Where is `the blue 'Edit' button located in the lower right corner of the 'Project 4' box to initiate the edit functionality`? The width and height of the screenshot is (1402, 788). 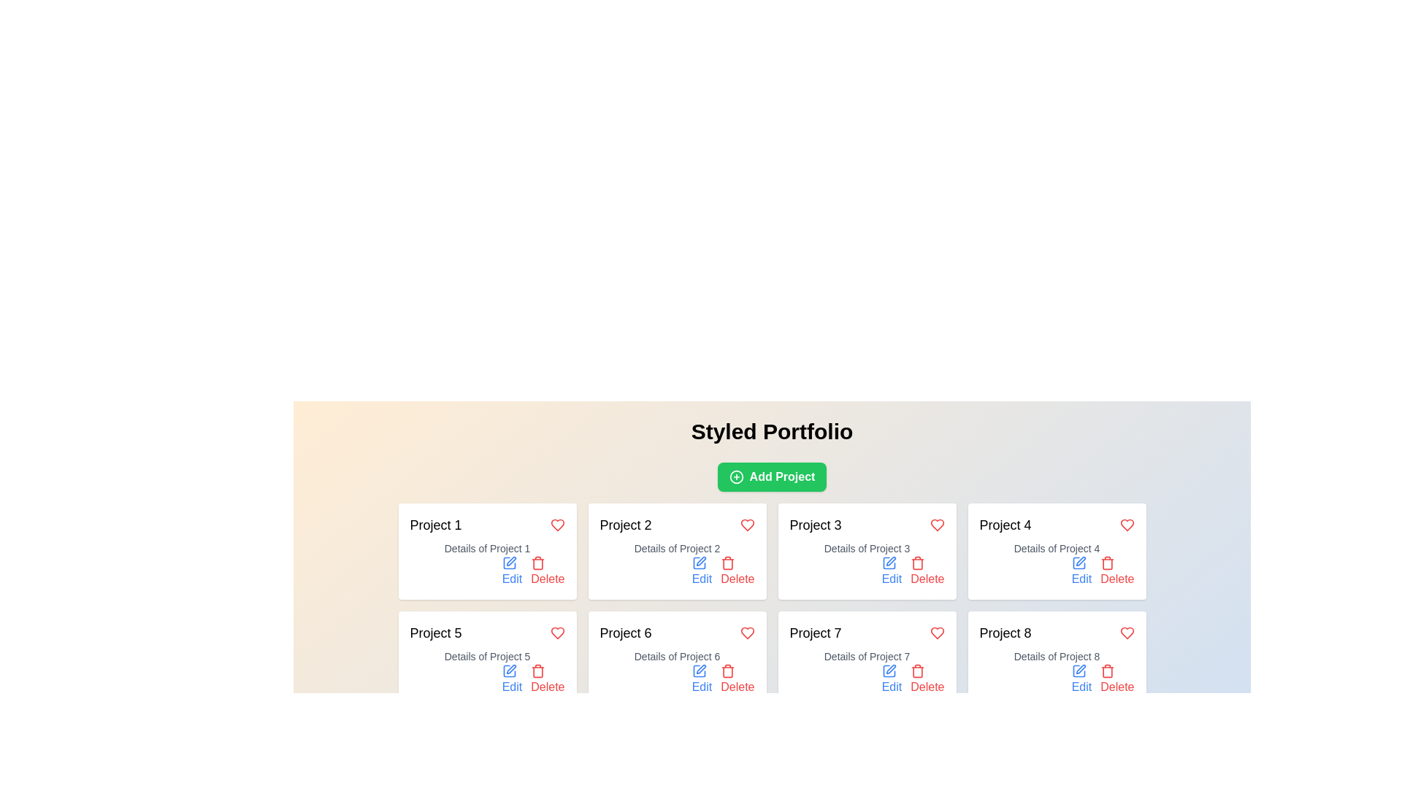
the blue 'Edit' button located in the lower right corner of the 'Project 4' box to initiate the edit functionality is located at coordinates (1081, 571).